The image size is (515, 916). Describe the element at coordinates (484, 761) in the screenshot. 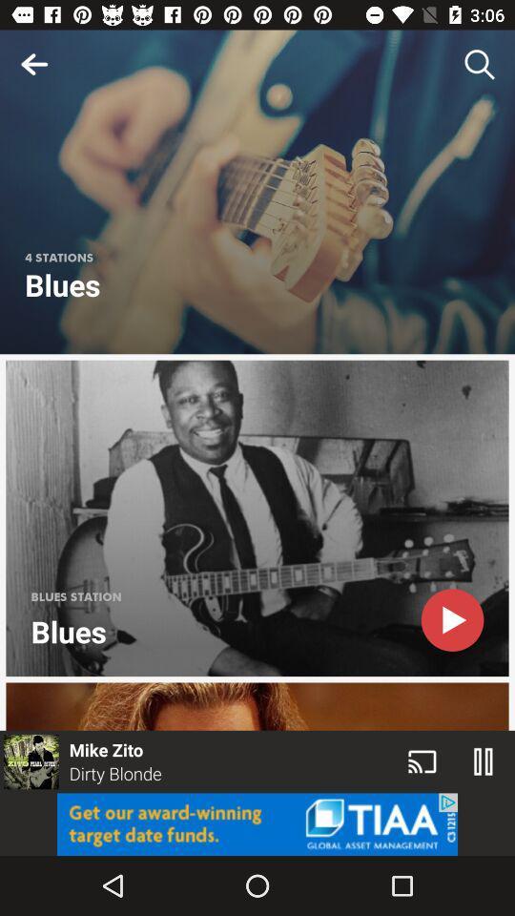

I see `the pause icon` at that location.